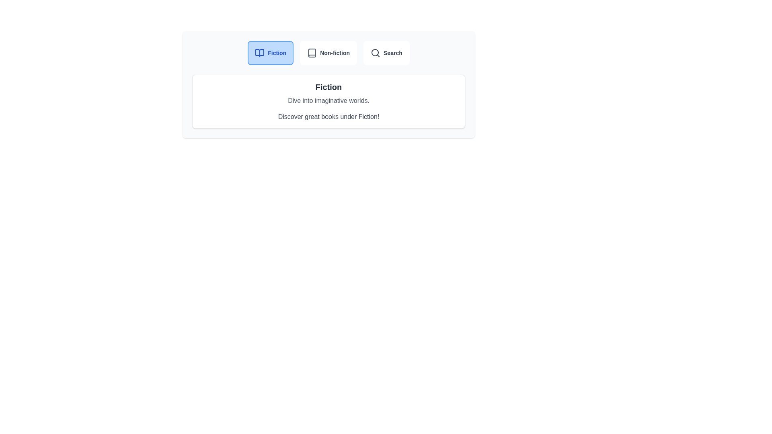  Describe the element at coordinates (335, 53) in the screenshot. I see `the 'Non-fiction' label in the navigation menu` at that location.